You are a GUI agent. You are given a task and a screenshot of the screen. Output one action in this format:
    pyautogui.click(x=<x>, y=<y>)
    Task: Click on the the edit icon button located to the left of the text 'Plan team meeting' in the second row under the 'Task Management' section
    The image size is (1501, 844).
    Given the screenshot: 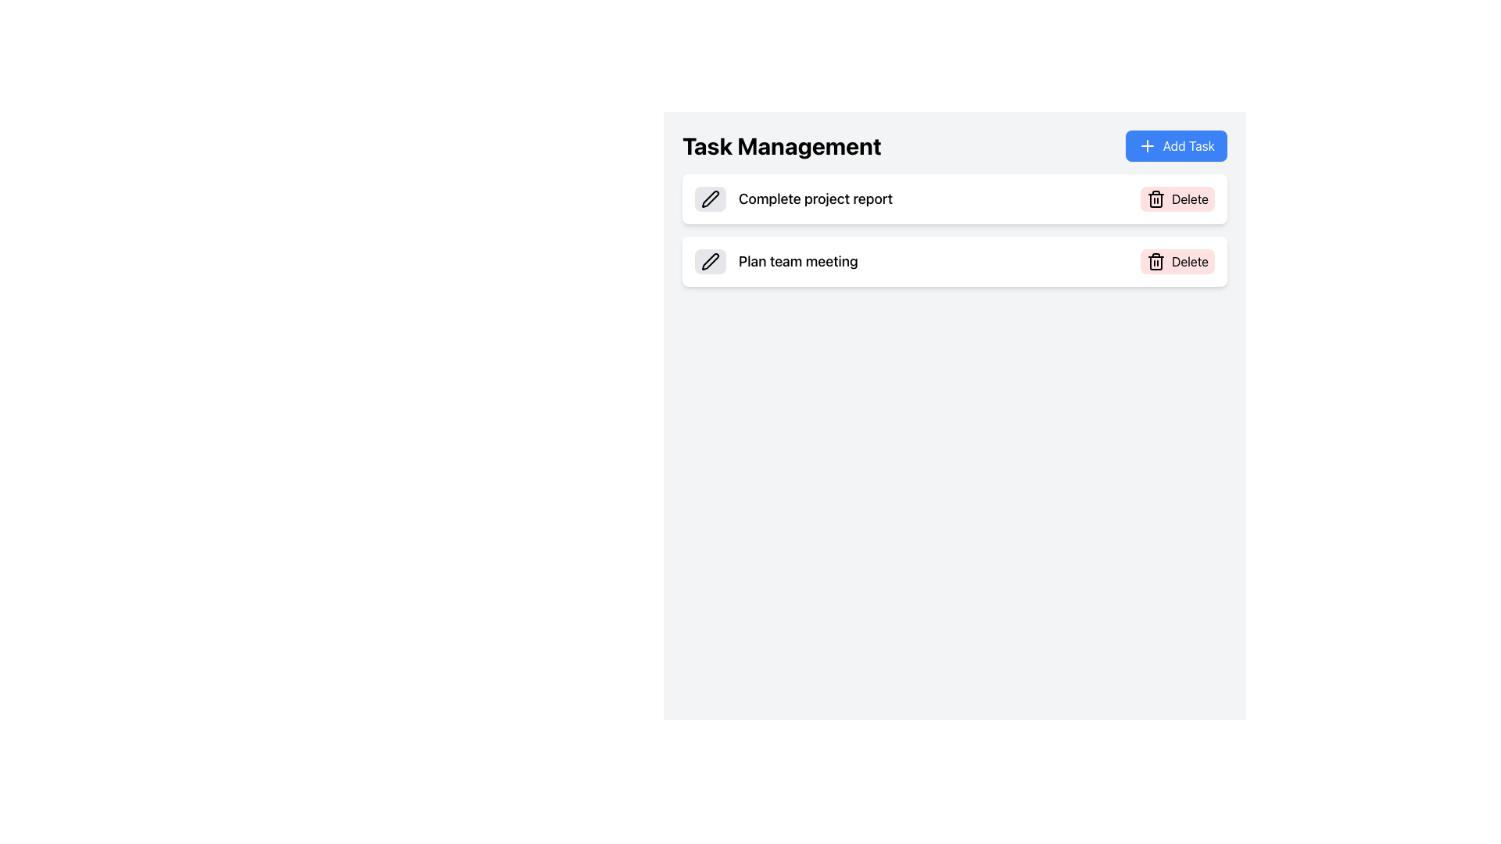 What is the action you would take?
    pyautogui.click(x=709, y=261)
    